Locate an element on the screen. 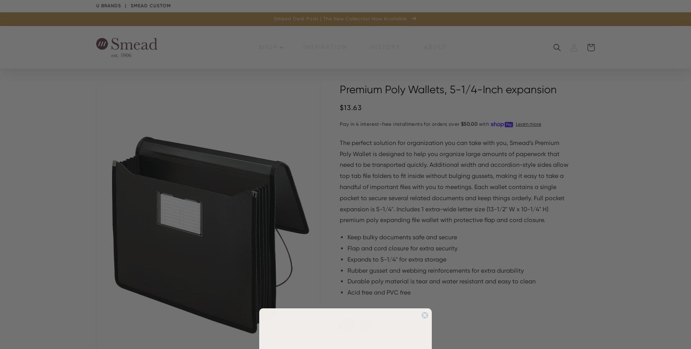 This screenshot has height=349, width=691. 'Hanging File Folders' is located at coordinates (413, 77).